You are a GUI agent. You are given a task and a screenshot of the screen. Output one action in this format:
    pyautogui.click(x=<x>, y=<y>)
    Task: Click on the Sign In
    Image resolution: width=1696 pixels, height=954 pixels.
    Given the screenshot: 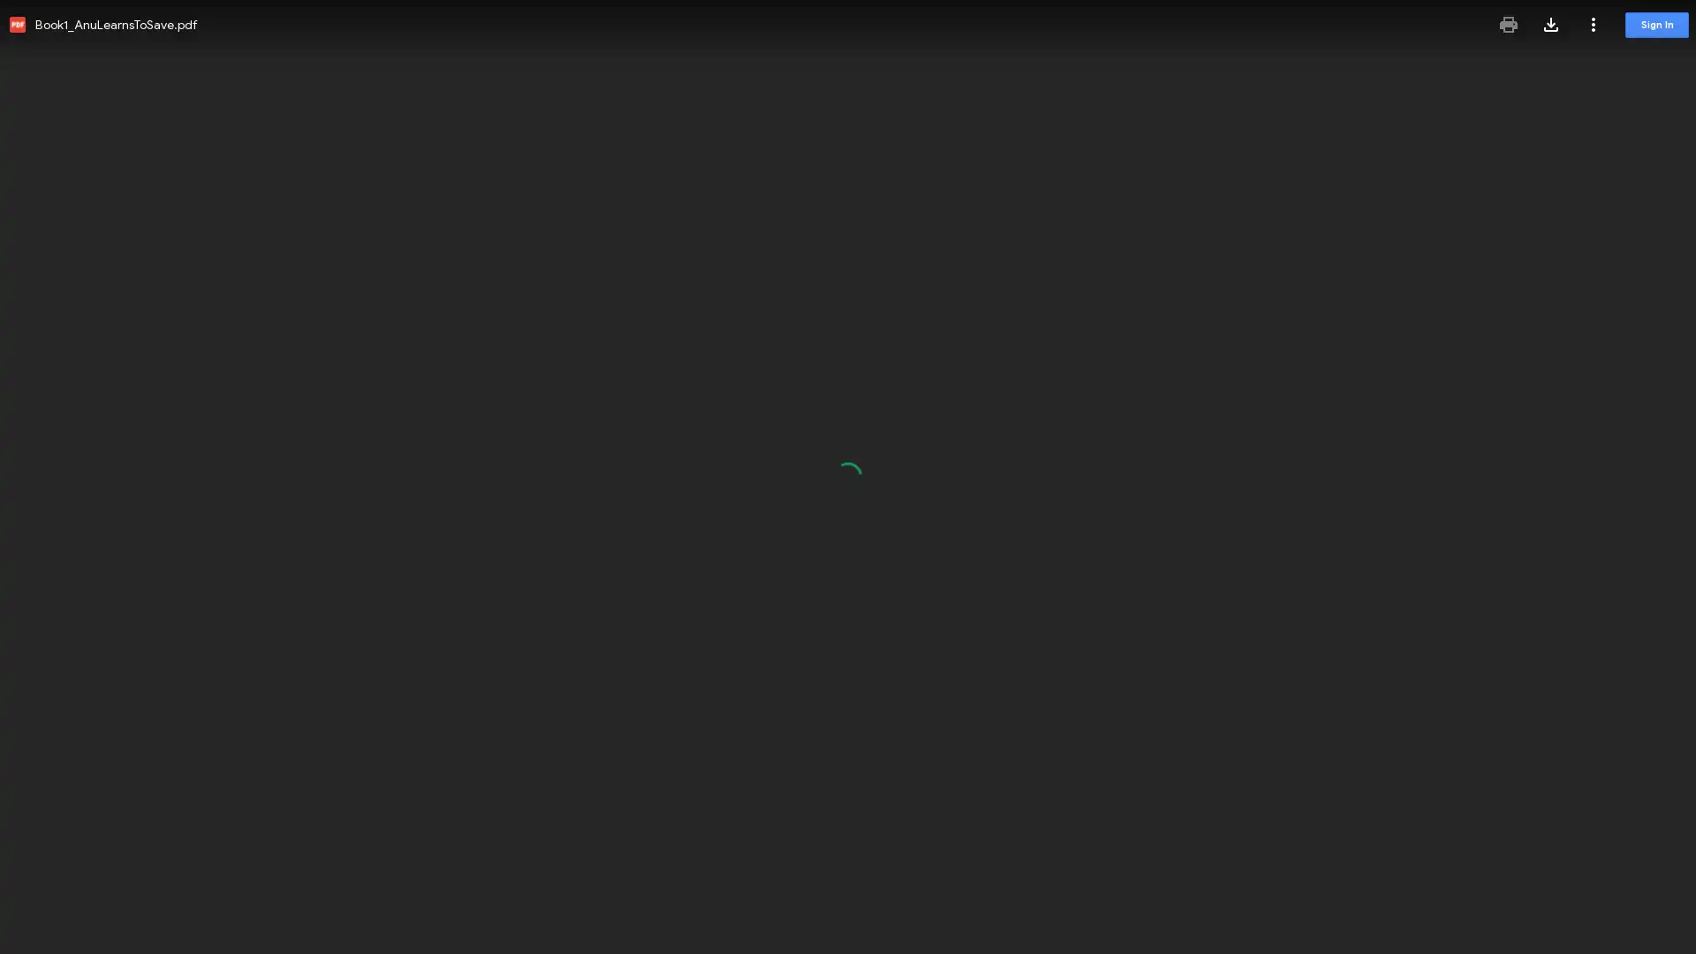 What is the action you would take?
    pyautogui.click(x=1656, y=25)
    